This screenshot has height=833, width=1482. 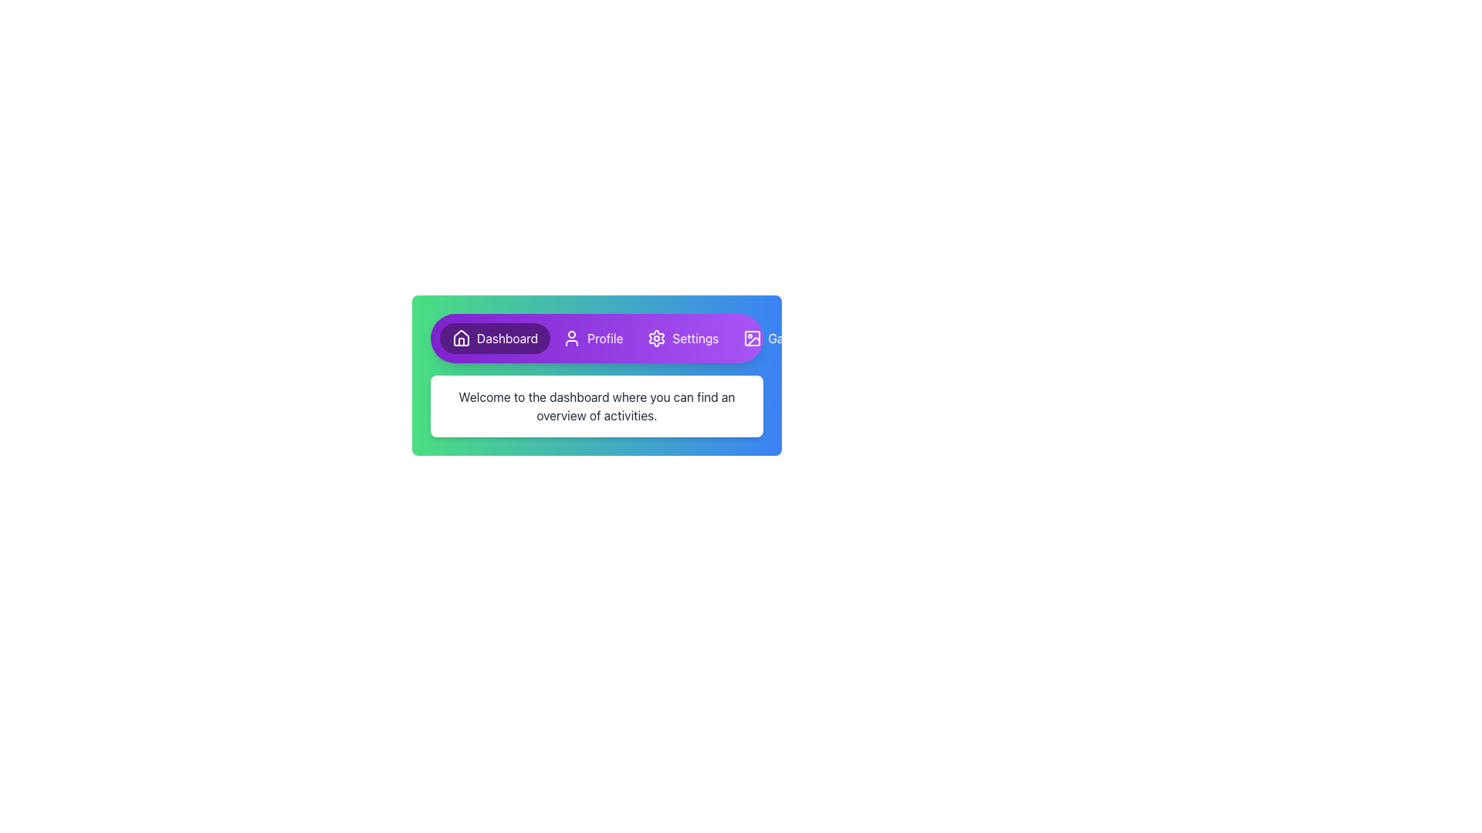 I want to click on the first navigational icon located in the top left corner of the interface, so click(x=461, y=337).